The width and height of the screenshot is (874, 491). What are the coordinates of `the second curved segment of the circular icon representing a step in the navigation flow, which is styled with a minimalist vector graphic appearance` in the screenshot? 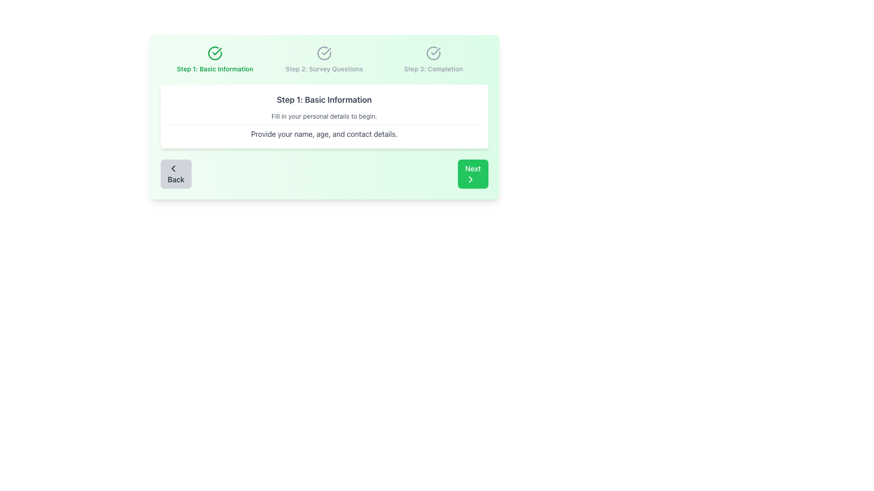 It's located at (324, 53).